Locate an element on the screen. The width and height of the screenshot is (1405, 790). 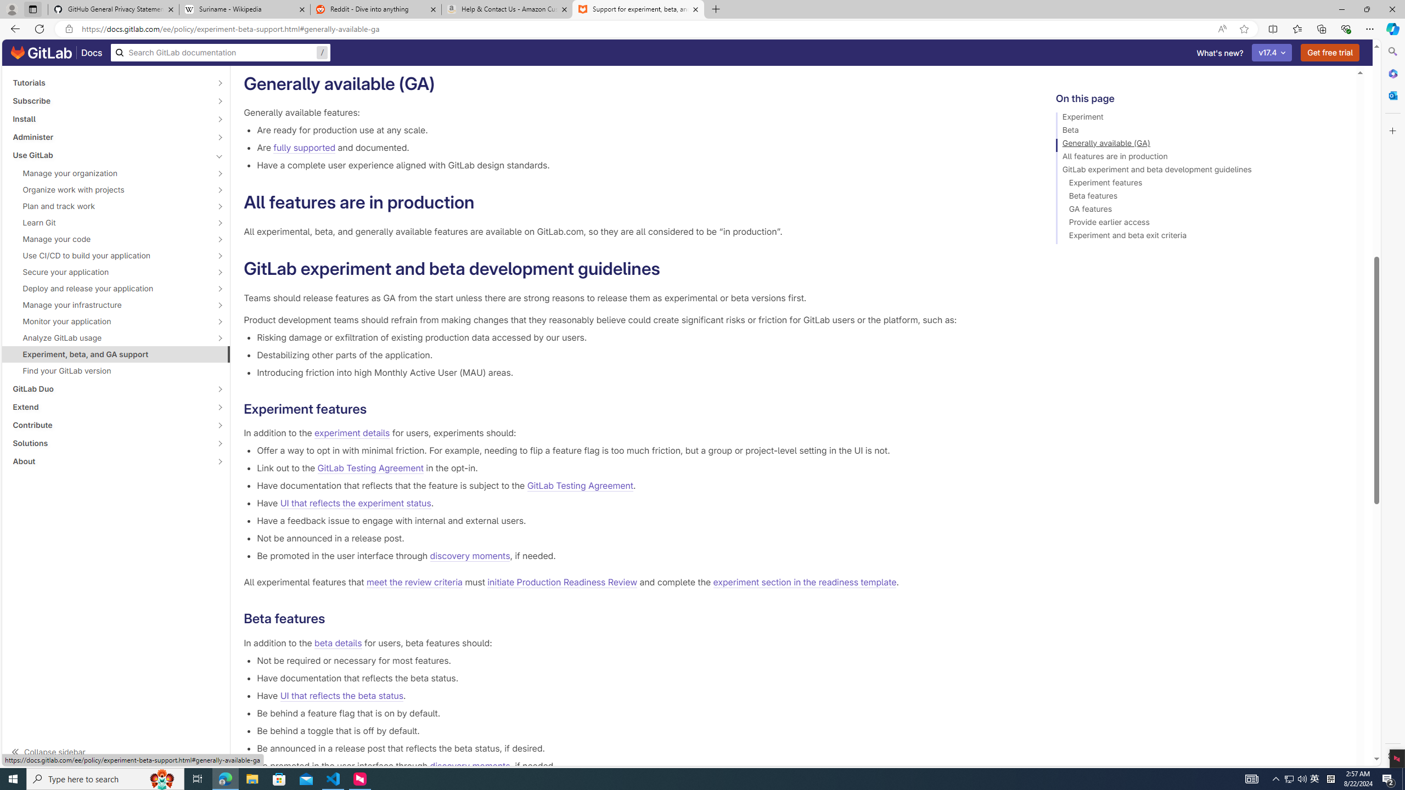
'Experiment and beta exit criteria' is located at coordinates (1201, 237).